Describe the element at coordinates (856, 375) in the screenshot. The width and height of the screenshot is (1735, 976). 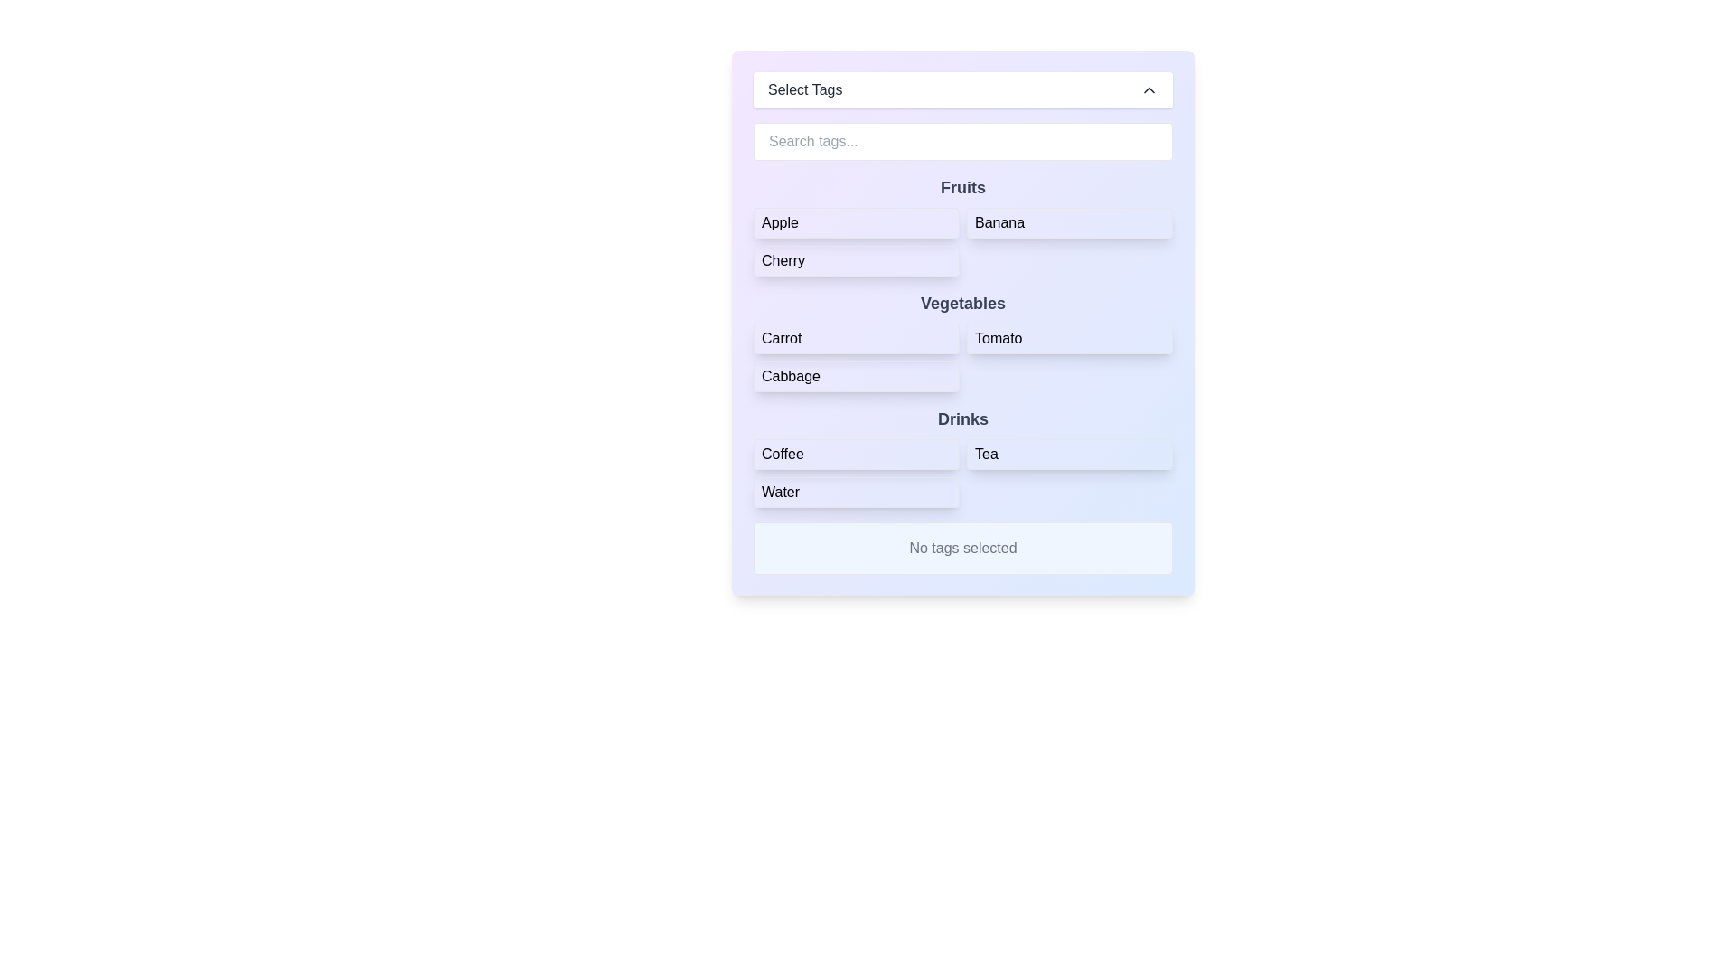
I see `the button labeled 'Cabbage' in the 'Vegetables' section` at that location.